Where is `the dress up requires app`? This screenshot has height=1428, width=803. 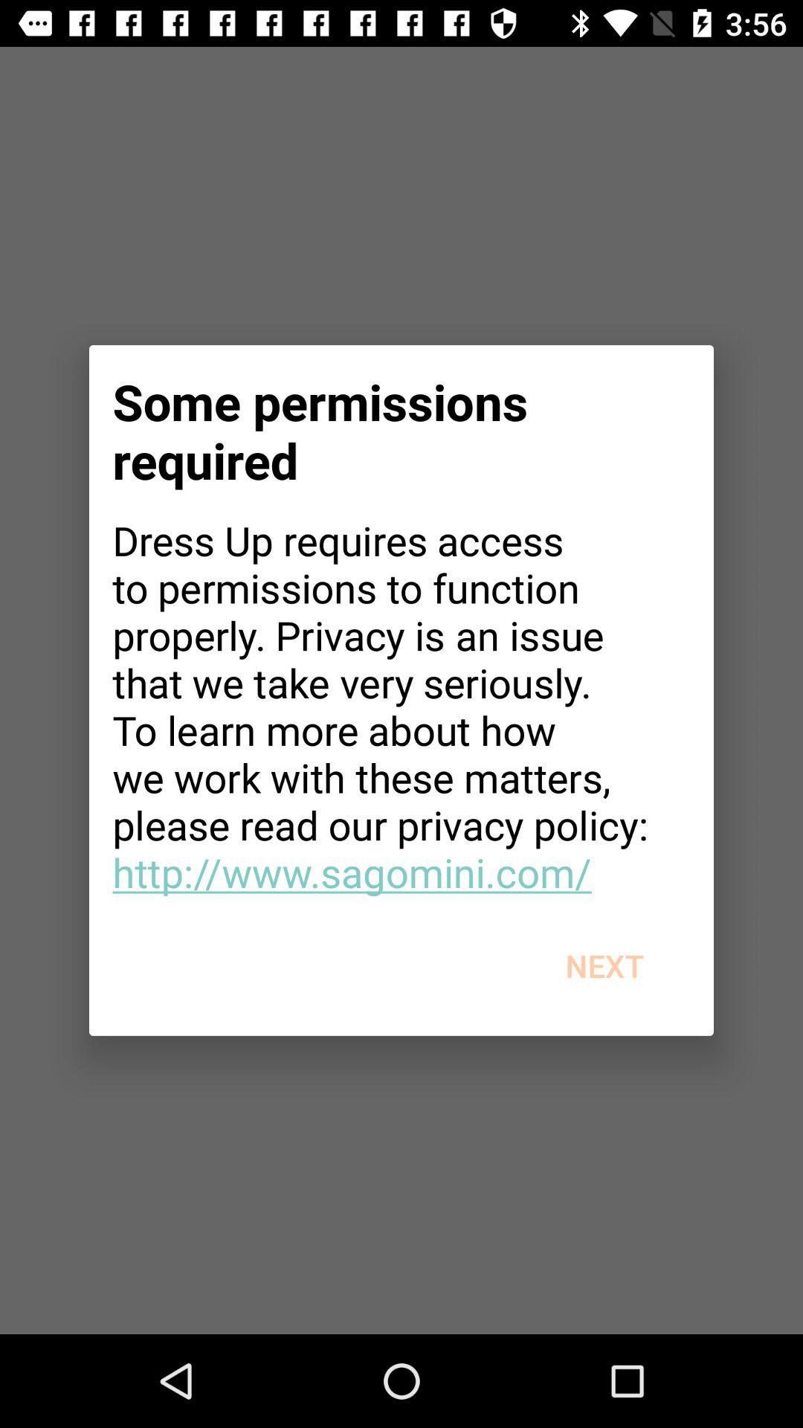
the dress up requires app is located at coordinates (401, 705).